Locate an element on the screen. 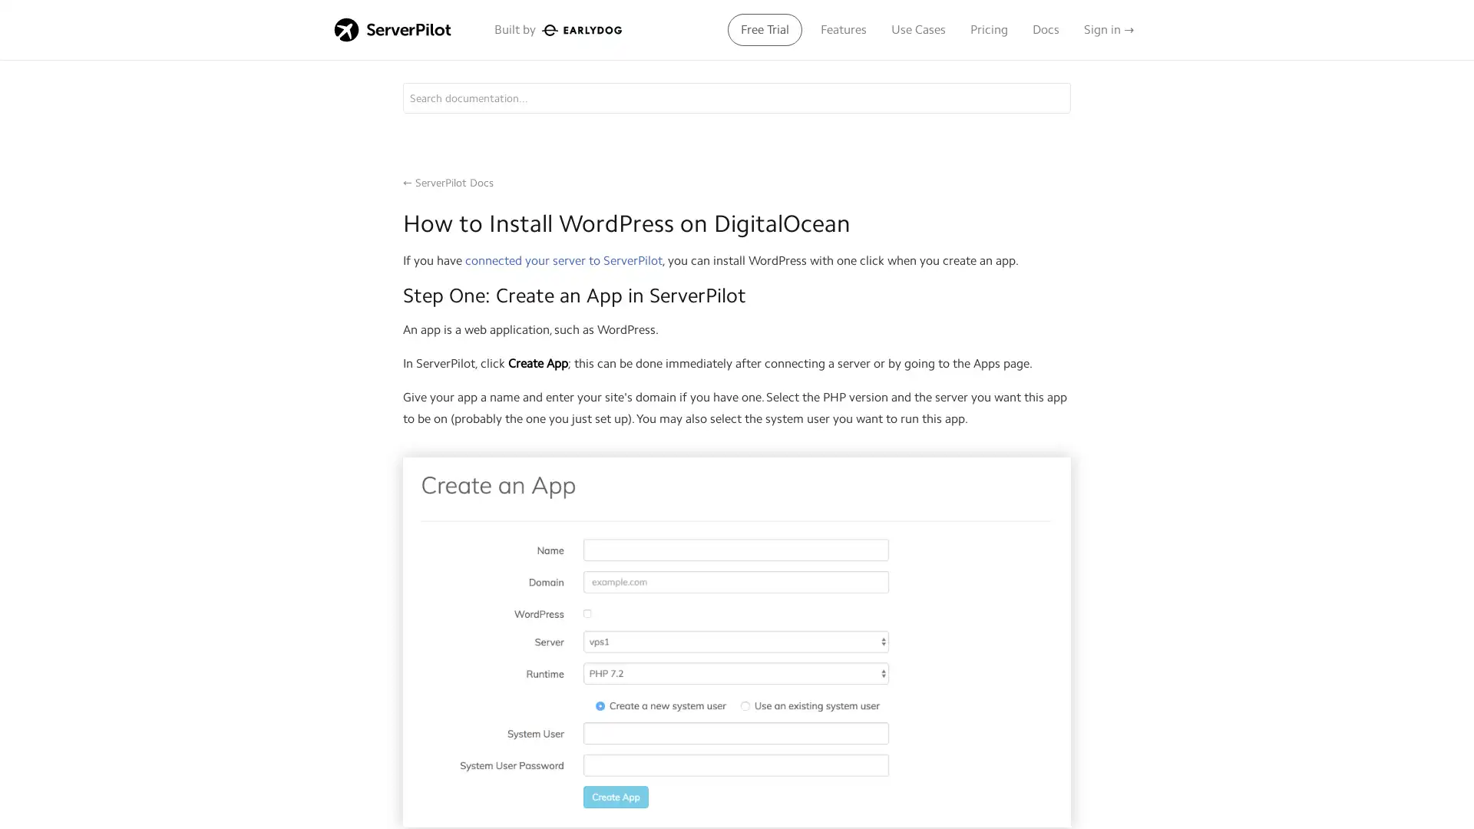 The image size is (1474, 829). Pricing is located at coordinates (989, 29).